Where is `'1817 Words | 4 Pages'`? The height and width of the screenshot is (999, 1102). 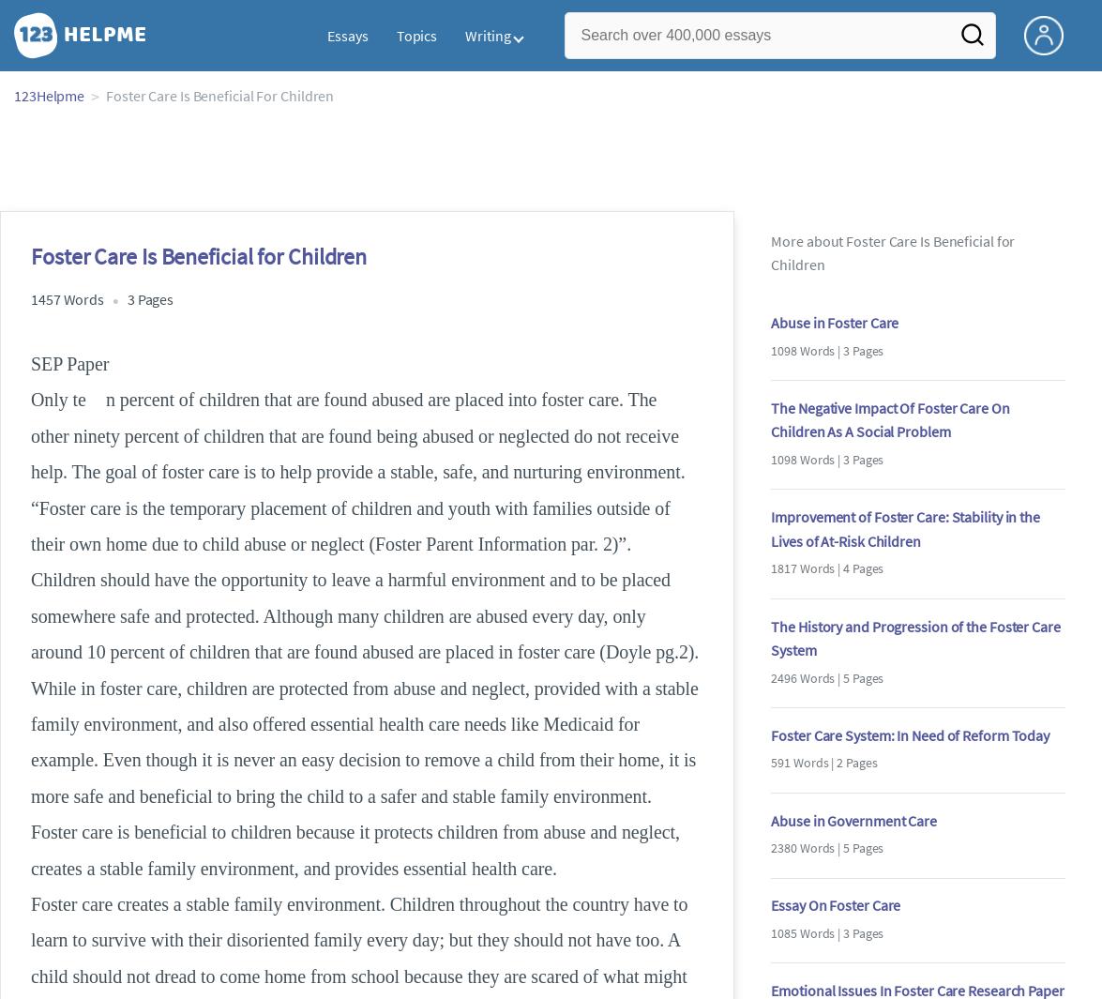
'1817 Words | 4 Pages' is located at coordinates (825, 568).